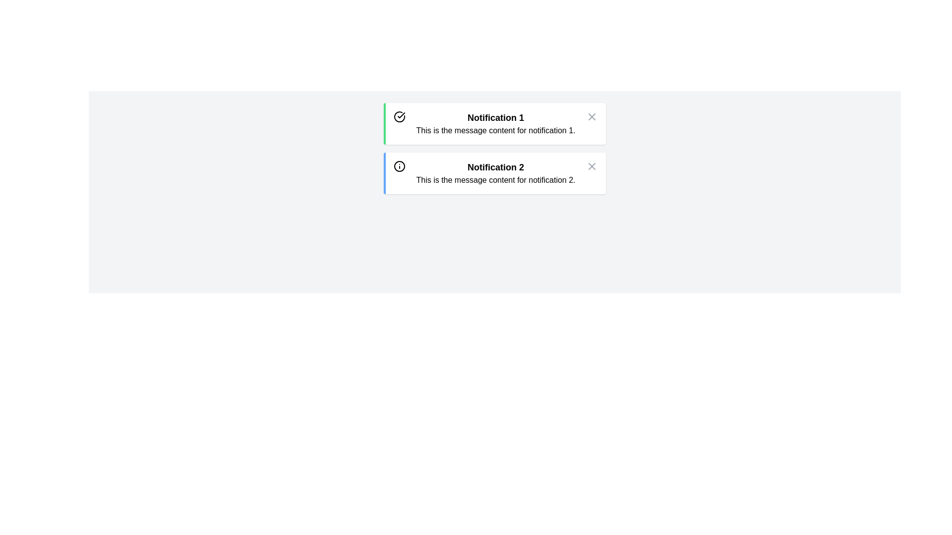 This screenshot has height=535, width=952. I want to click on the Notification Box with bold text saying 'Notification 2', so click(495, 173).